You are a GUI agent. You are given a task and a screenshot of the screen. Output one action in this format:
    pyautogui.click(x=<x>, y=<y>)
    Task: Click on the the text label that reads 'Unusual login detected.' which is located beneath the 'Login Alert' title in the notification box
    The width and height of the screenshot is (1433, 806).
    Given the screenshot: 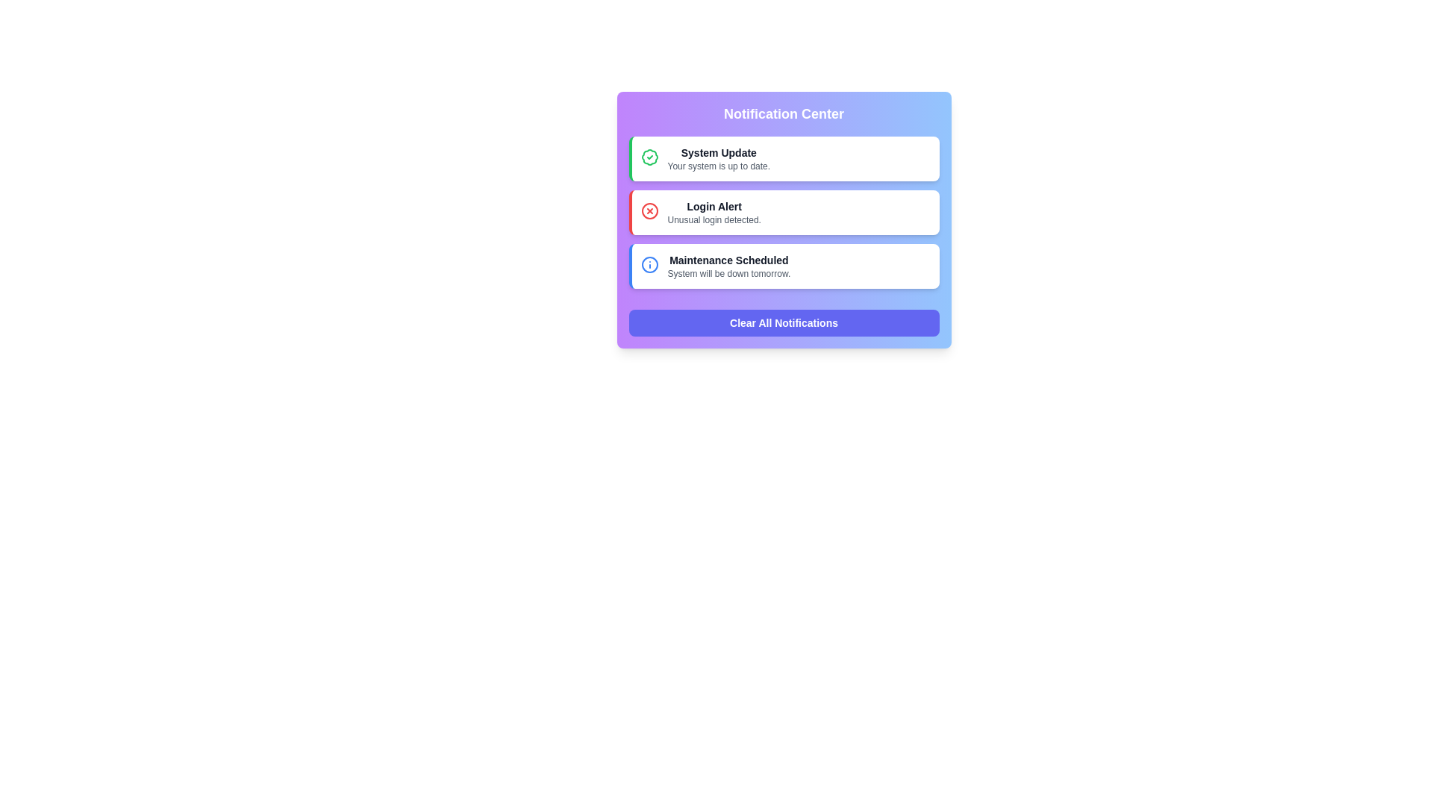 What is the action you would take?
    pyautogui.click(x=714, y=219)
    